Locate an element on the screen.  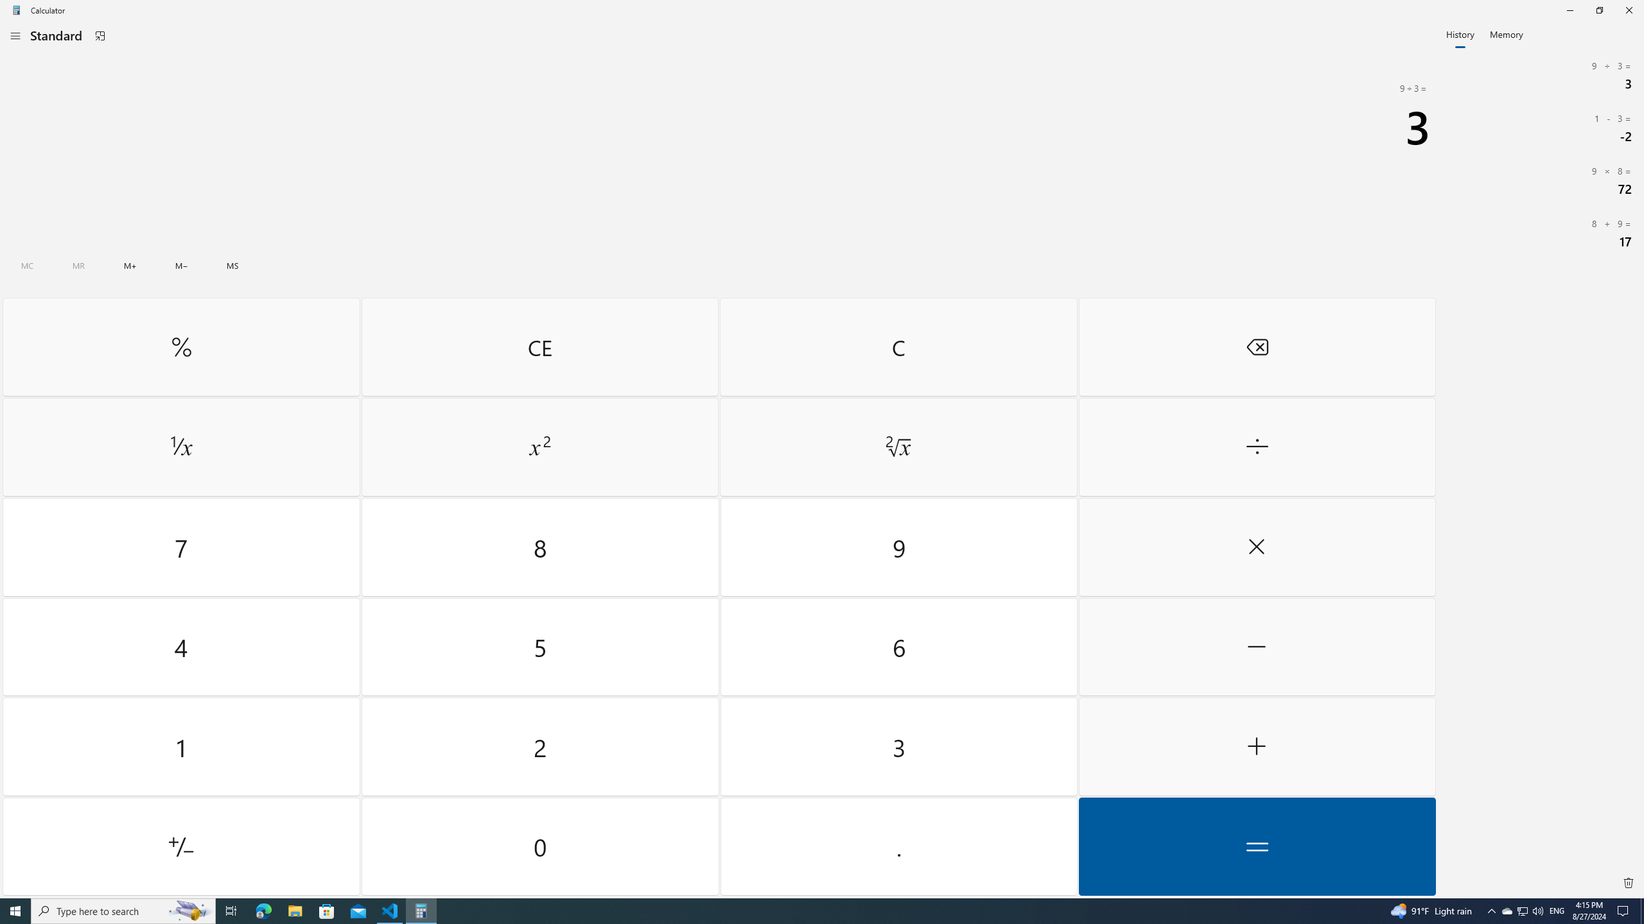
'Memory store' is located at coordinates (232, 265).